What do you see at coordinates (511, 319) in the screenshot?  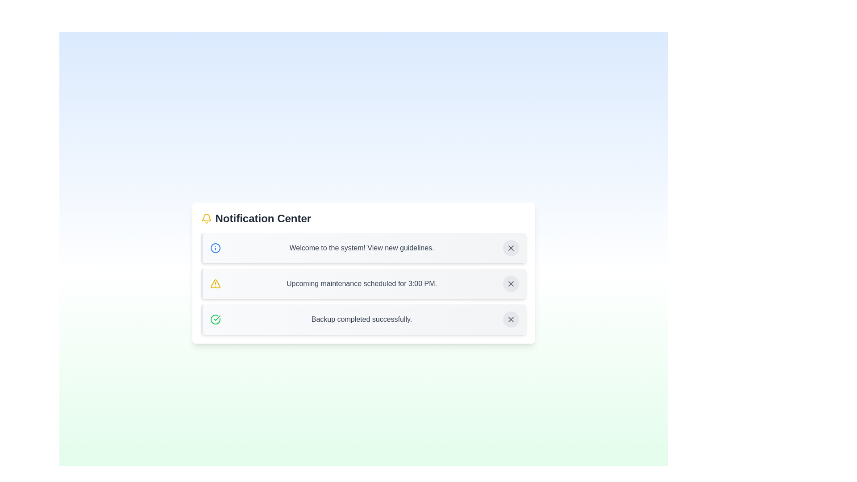 I see `the Close button icon, which resembles a gray 'X' and is situated at the center of a circular button on the far-right side of the last notification entry` at bounding box center [511, 319].